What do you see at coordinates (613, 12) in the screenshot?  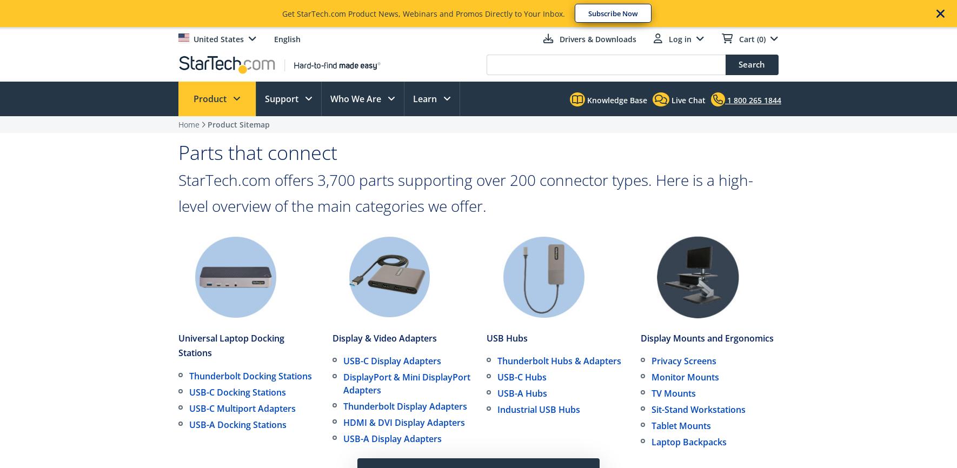 I see `'Subscribe Now'` at bounding box center [613, 12].